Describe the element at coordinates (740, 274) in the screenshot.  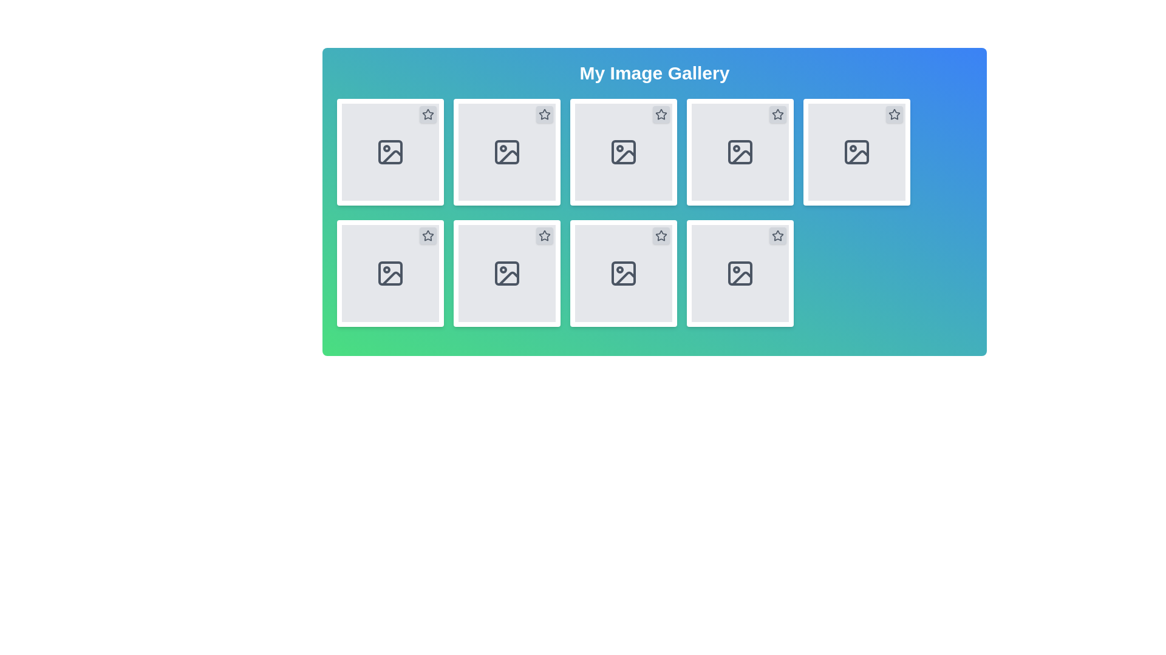
I see `the interactive card in the 'My Image Gallery' grid layout located at the bottom-right corner` at that location.